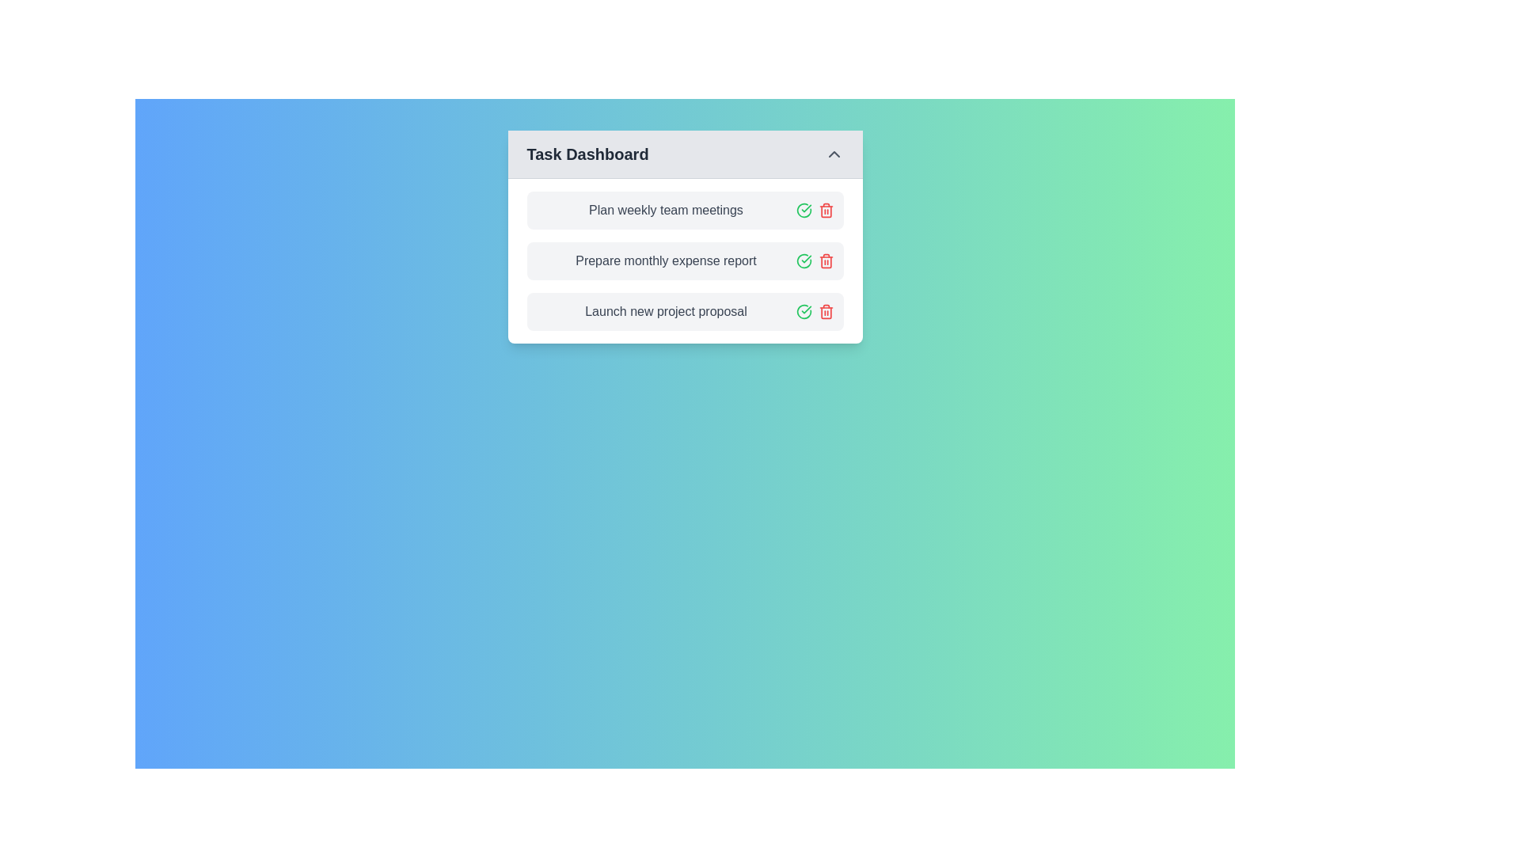 This screenshot has width=1520, height=855. What do you see at coordinates (825, 311) in the screenshot?
I see `the delete button icon for the task 'Launch new project proposal'` at bounding box center [825, 311].